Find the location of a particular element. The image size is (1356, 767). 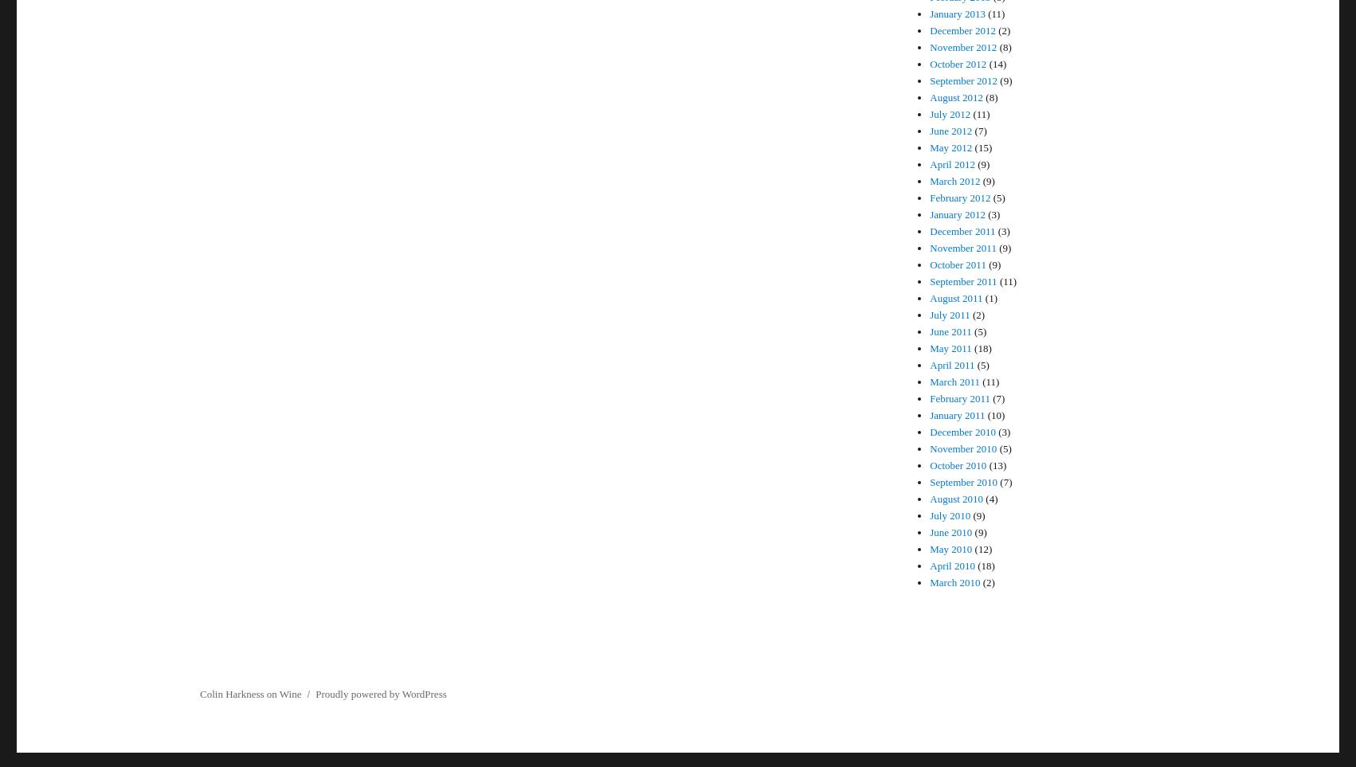

'(12)' is located at coordinates (982, 549).